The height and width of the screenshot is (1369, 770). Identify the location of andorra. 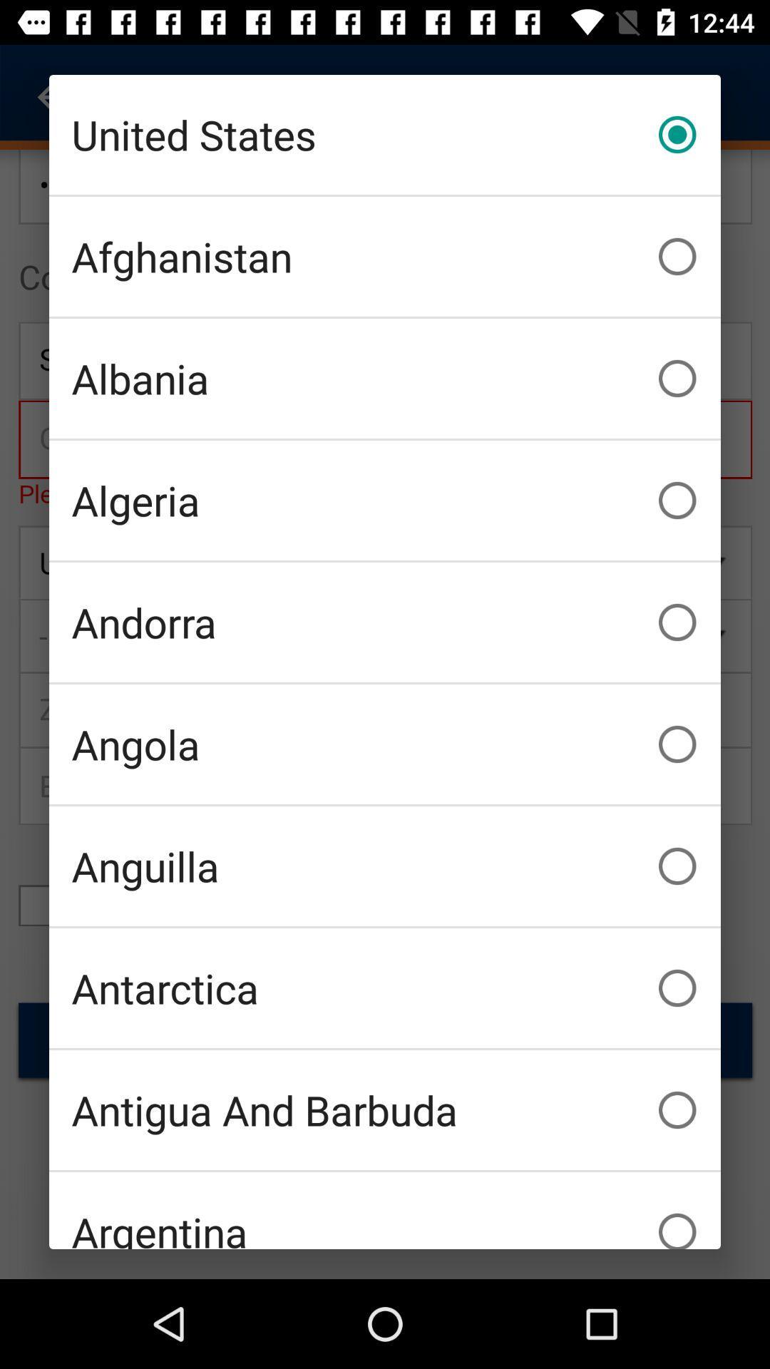
(385, 622).